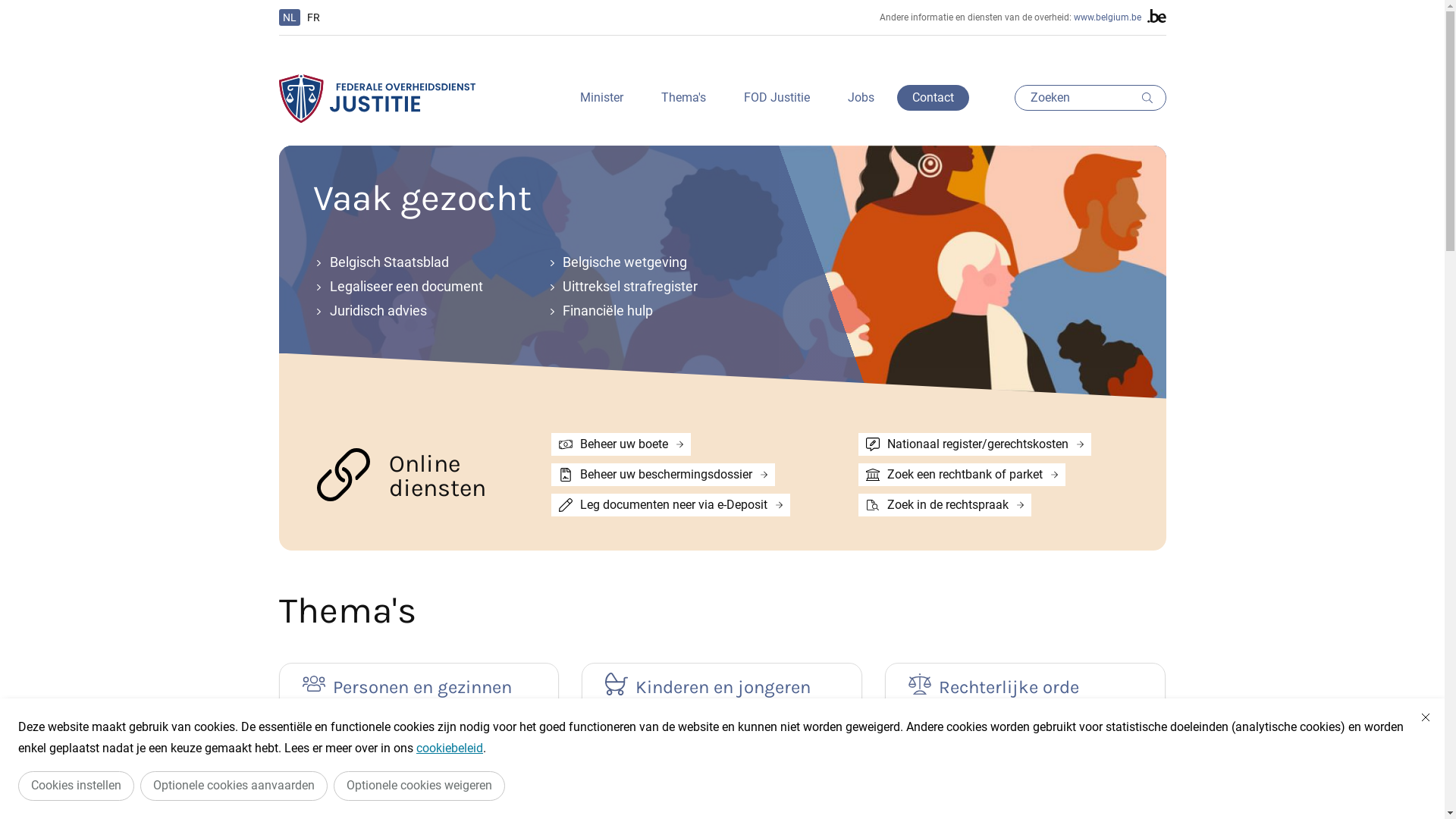  I want to click on 'cookiebeleid', so click(449, 747).